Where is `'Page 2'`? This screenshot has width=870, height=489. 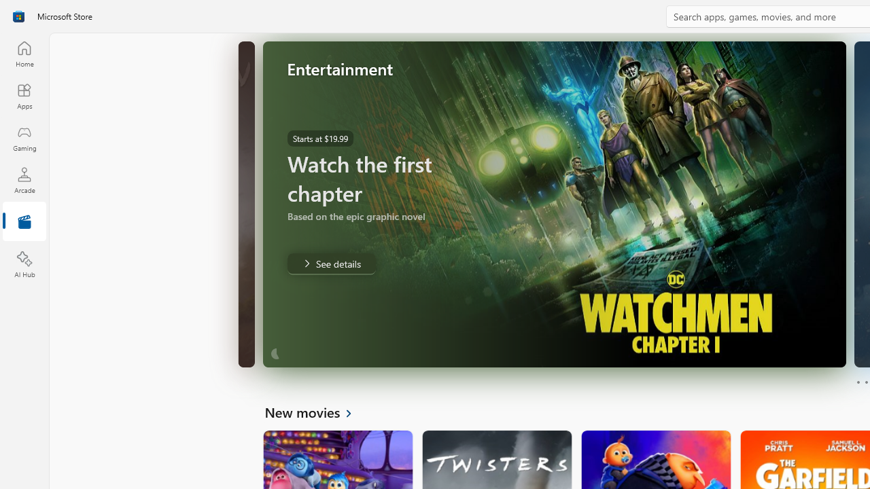
'Page 2' is located at coordinates (865, 382).